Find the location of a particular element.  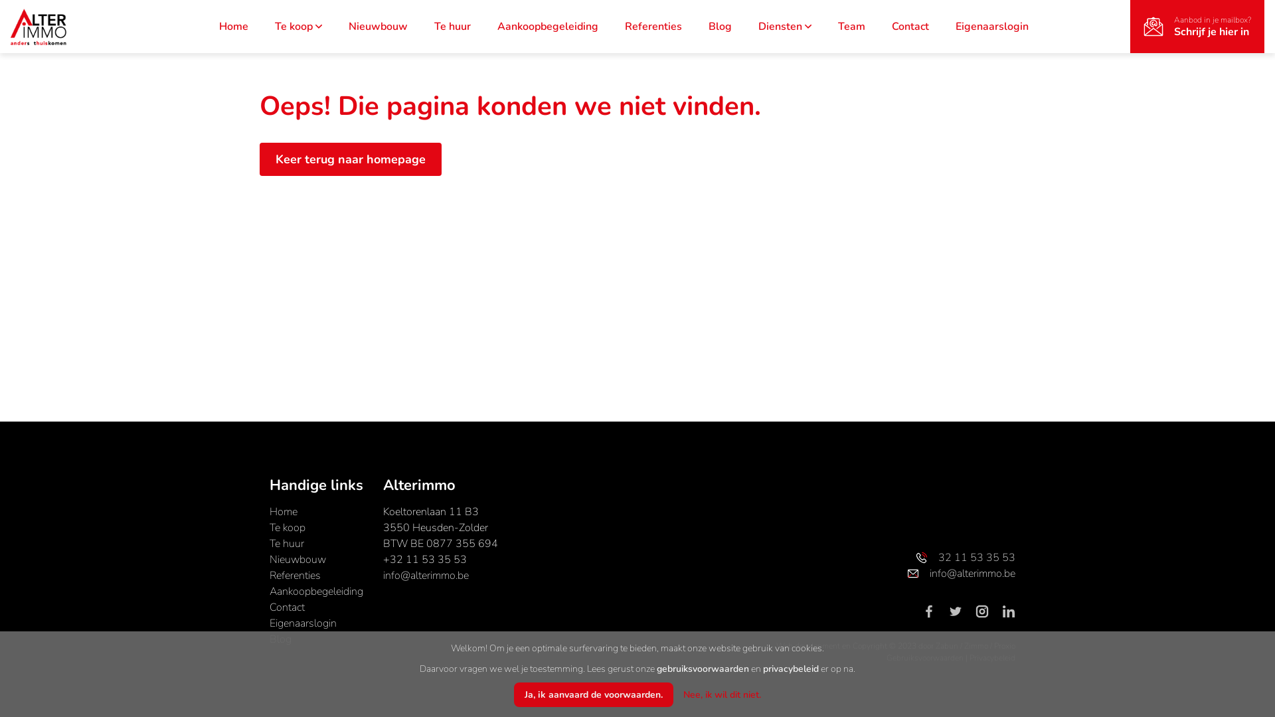

'Keer terug naar homepage' is located at coordinates (351, 158).